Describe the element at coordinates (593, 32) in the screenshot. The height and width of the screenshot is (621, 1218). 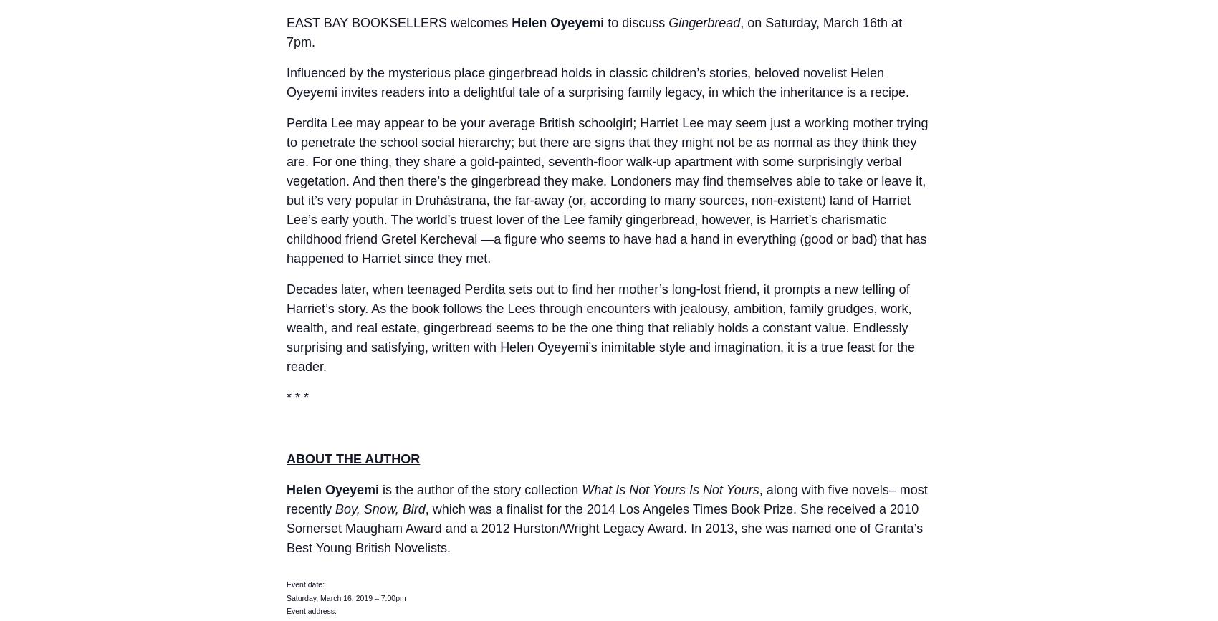
I see `', on Saturday, March 16th at 7pm.'` at that location.